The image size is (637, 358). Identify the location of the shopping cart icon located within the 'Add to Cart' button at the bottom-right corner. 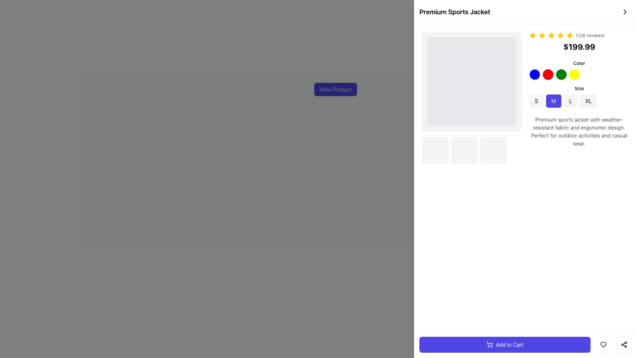
(490, 343).